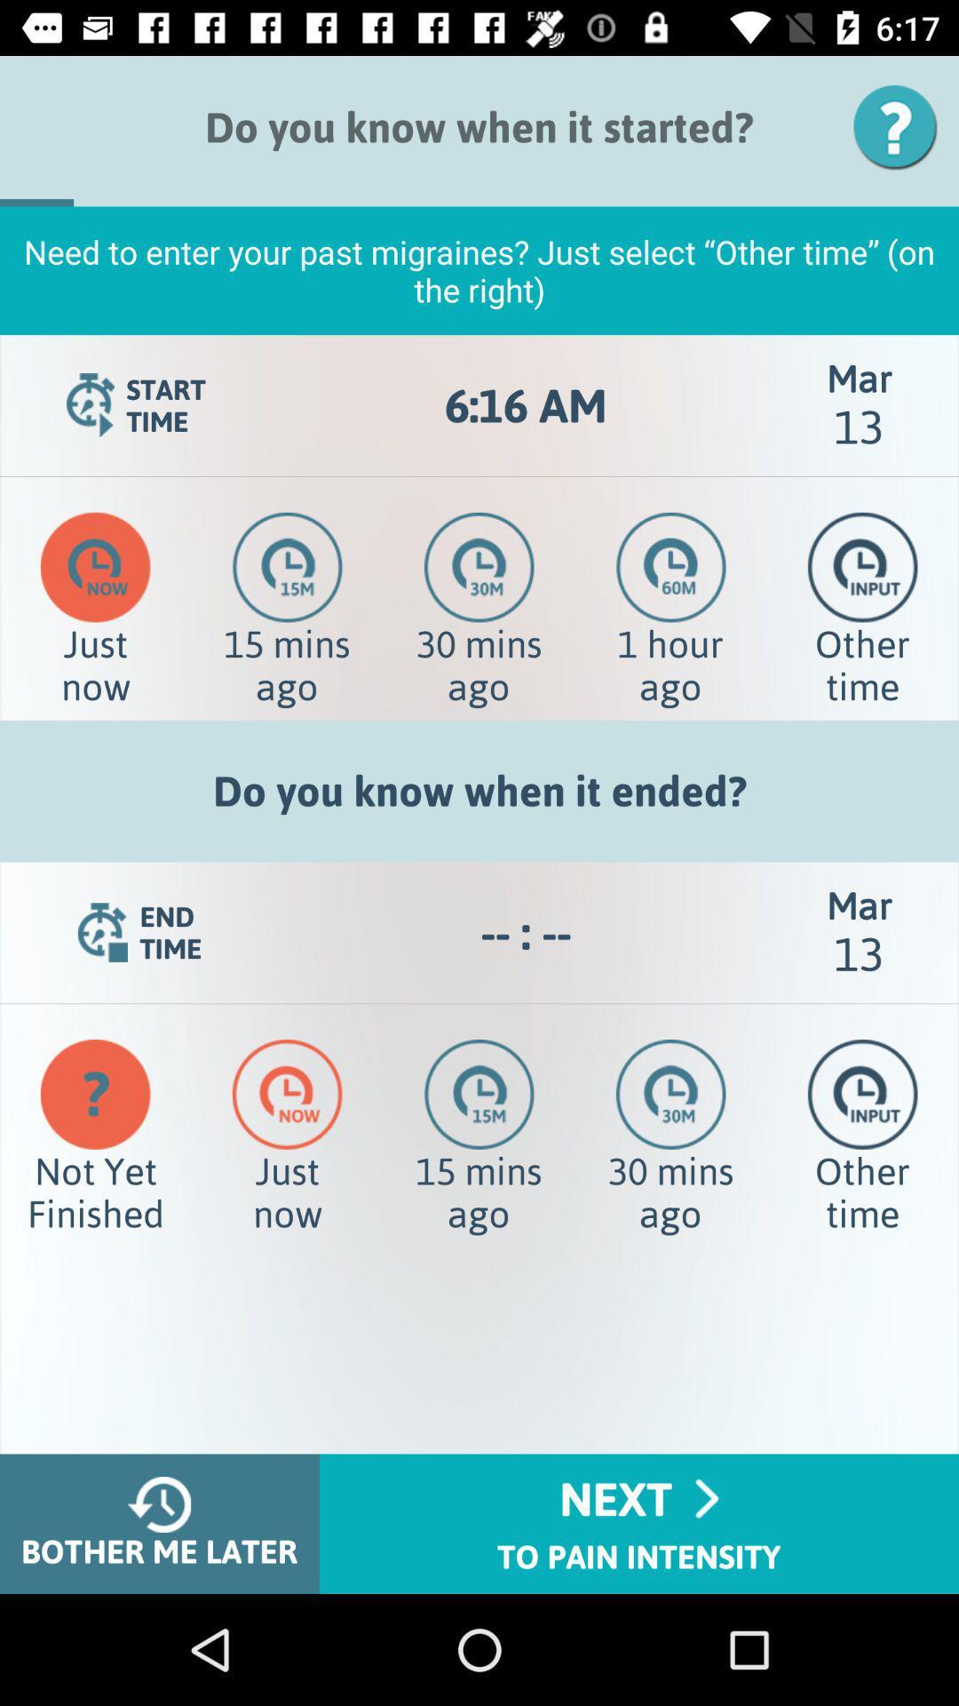 This screenshot has height=1706, width=959. Describe the element at coordinates (901, 126) in the screenshot. I see `the help icon` at that location.